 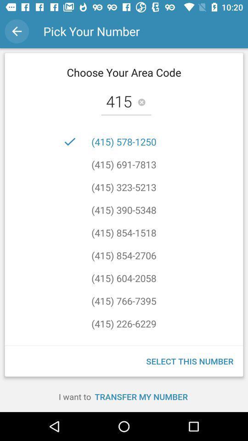 I want to click on transfer my number item, so click(x=141, y=396).